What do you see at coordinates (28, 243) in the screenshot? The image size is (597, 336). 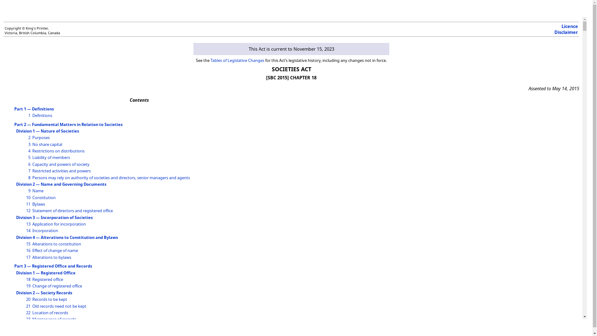 I see `'15'` at bounding box center [28, 243].